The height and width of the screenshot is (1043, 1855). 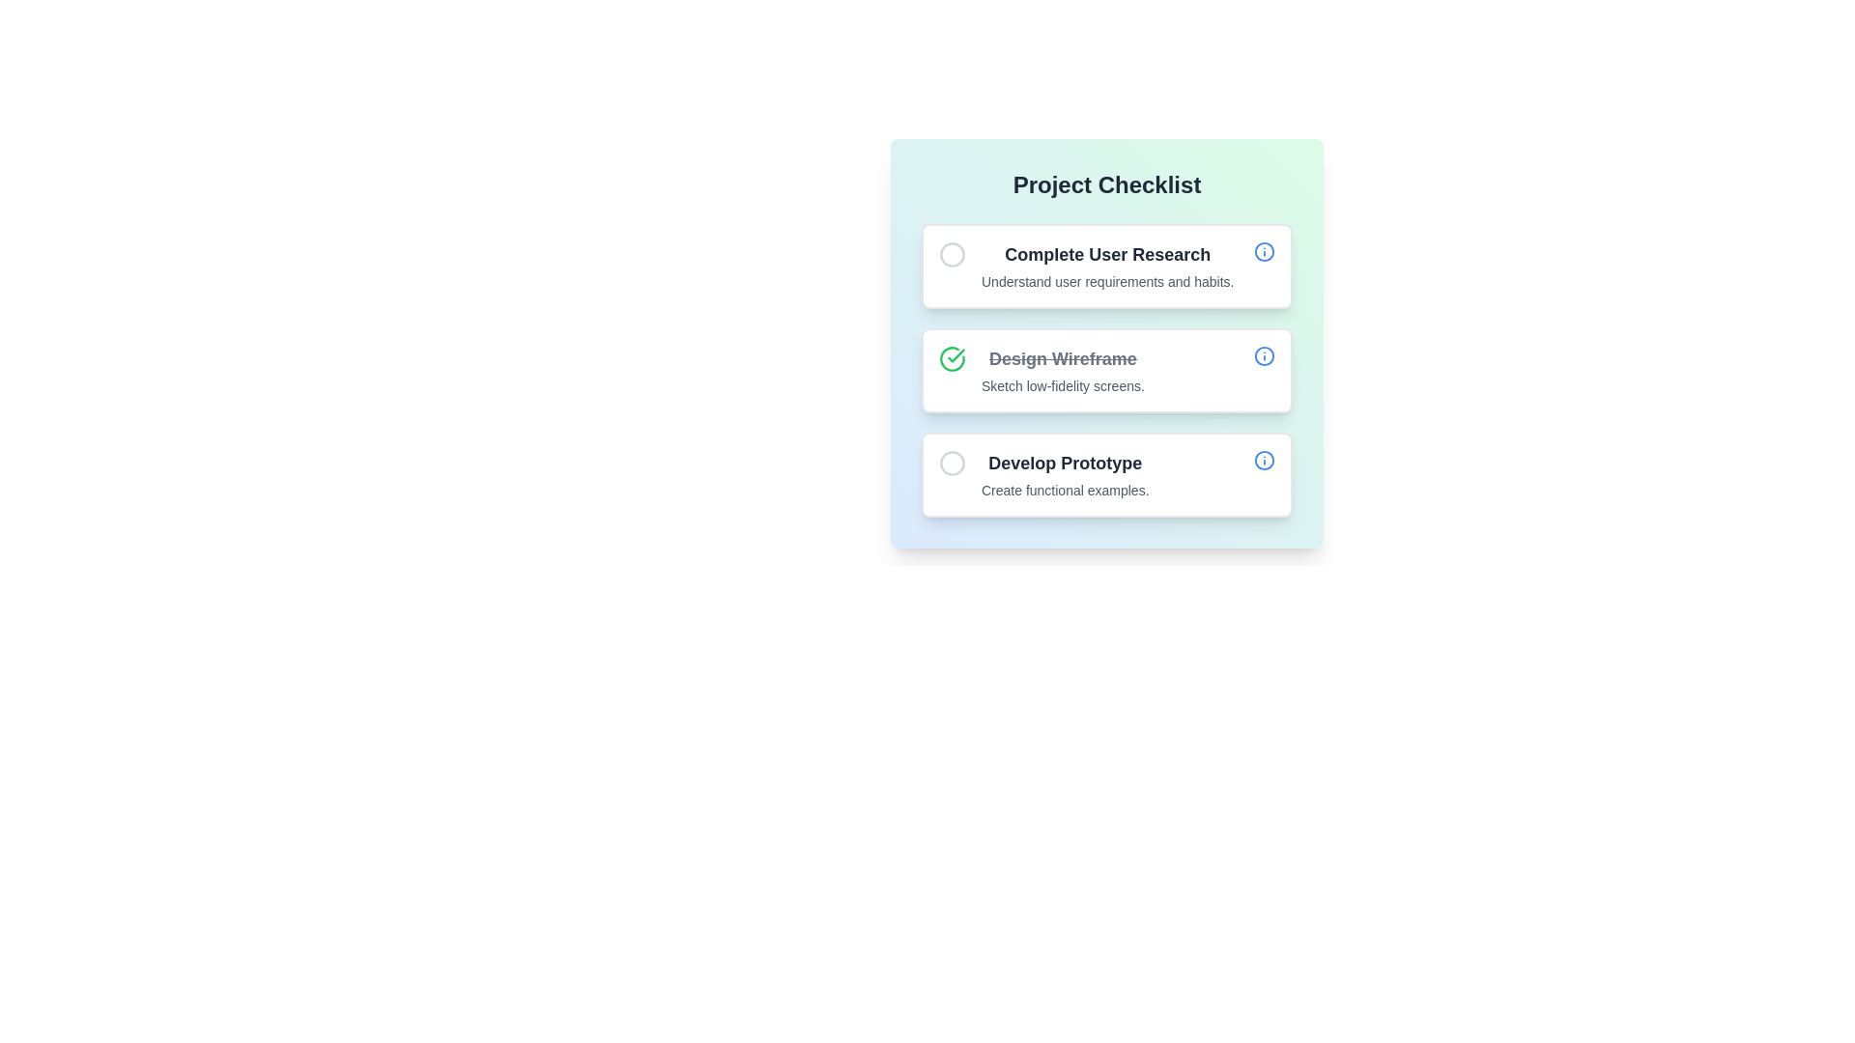 I want to click on the checkbox located to the left of the text 'Develop Prototype' for keyboard interaction, so click(x=952, y=463).